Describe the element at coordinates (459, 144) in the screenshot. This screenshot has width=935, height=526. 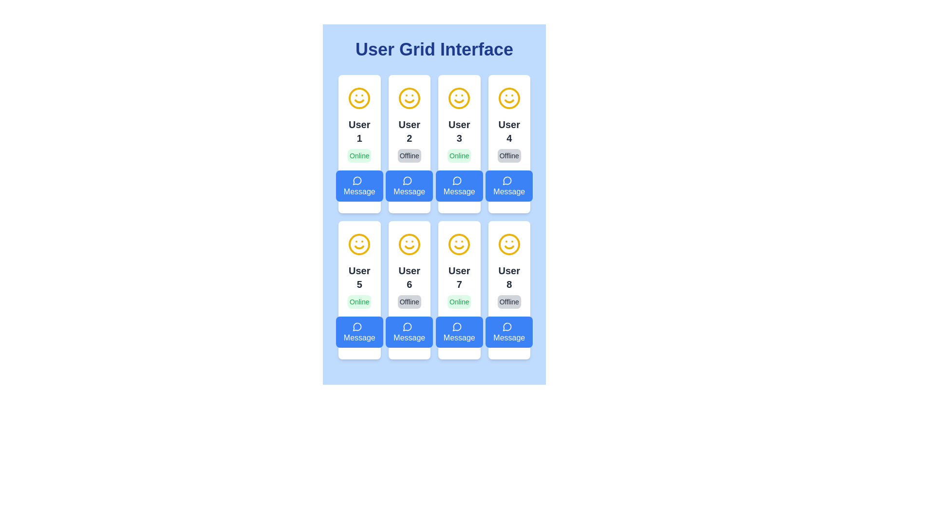
I see `the User Profile Card displaying 'User 3' with an 'Online' status badge and a 'Message' button at the bottom` at that location.